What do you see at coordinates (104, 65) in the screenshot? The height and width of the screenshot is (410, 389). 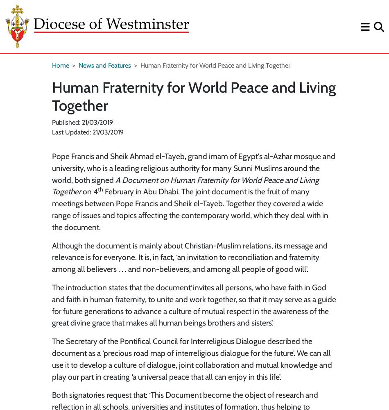 I see `'News and Features'` at bounding box center [104, 65].